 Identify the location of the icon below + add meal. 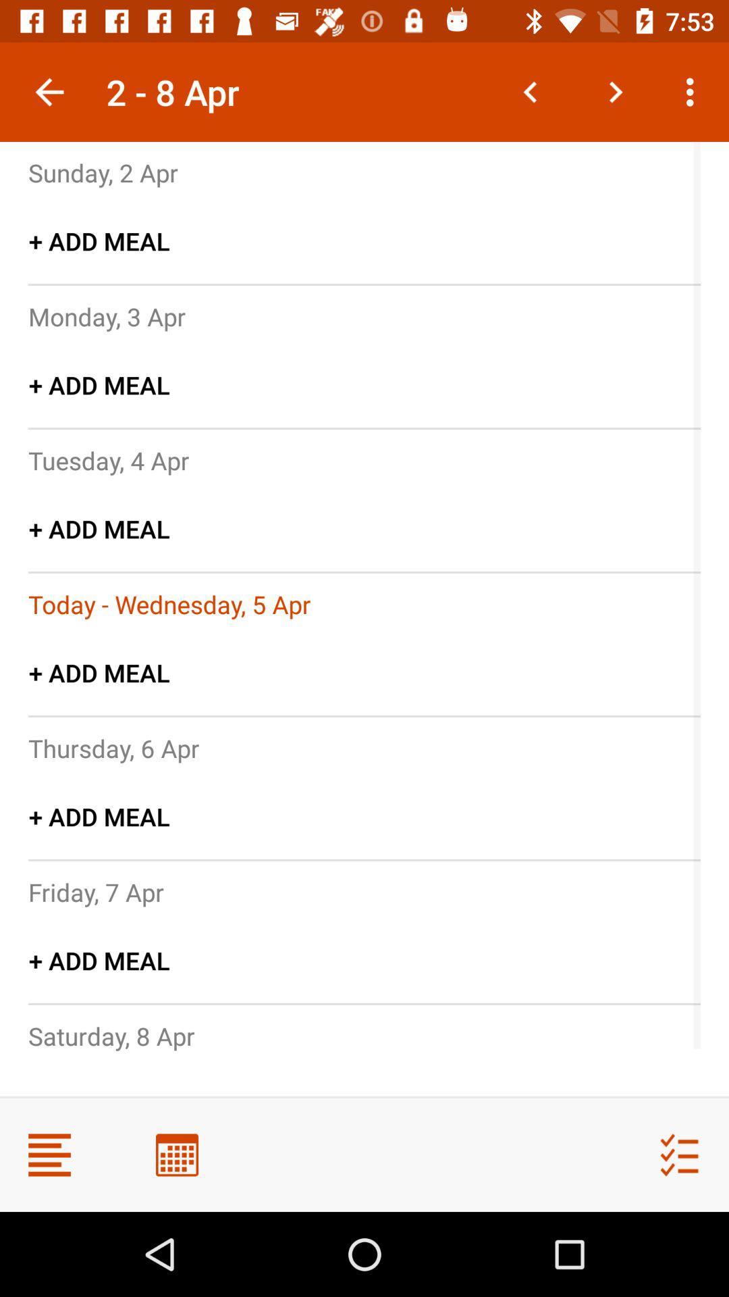
(106, 315).